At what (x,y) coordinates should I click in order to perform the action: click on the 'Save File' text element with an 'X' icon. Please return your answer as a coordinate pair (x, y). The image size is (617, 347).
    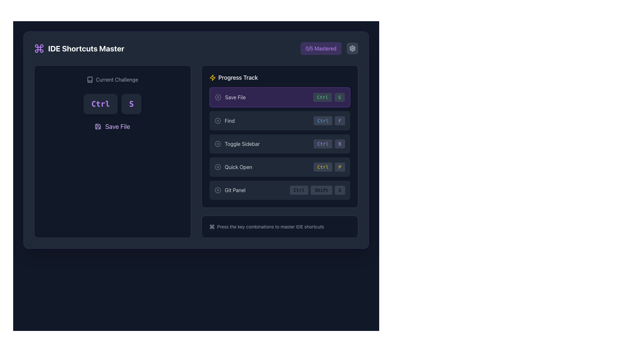
    Looking at the image, I should click on (230, 97).